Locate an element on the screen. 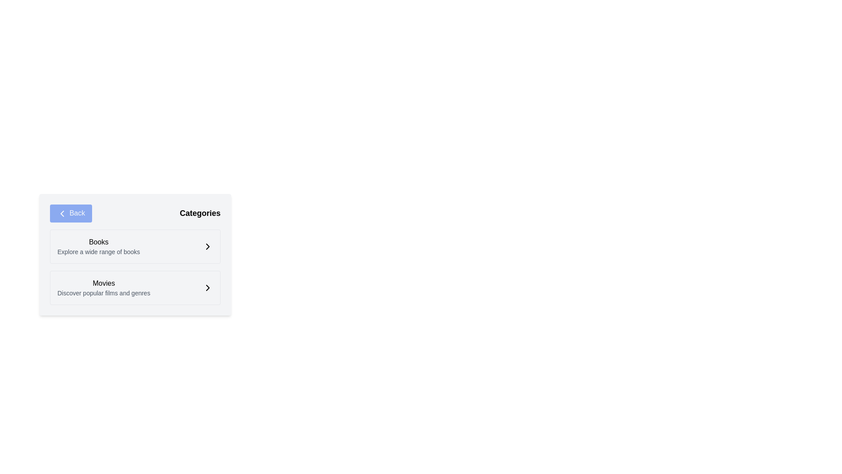 The image size is (842, 474). the navigational button with an arrow icon located on the left side of the header is located at coordinates (71, 213).